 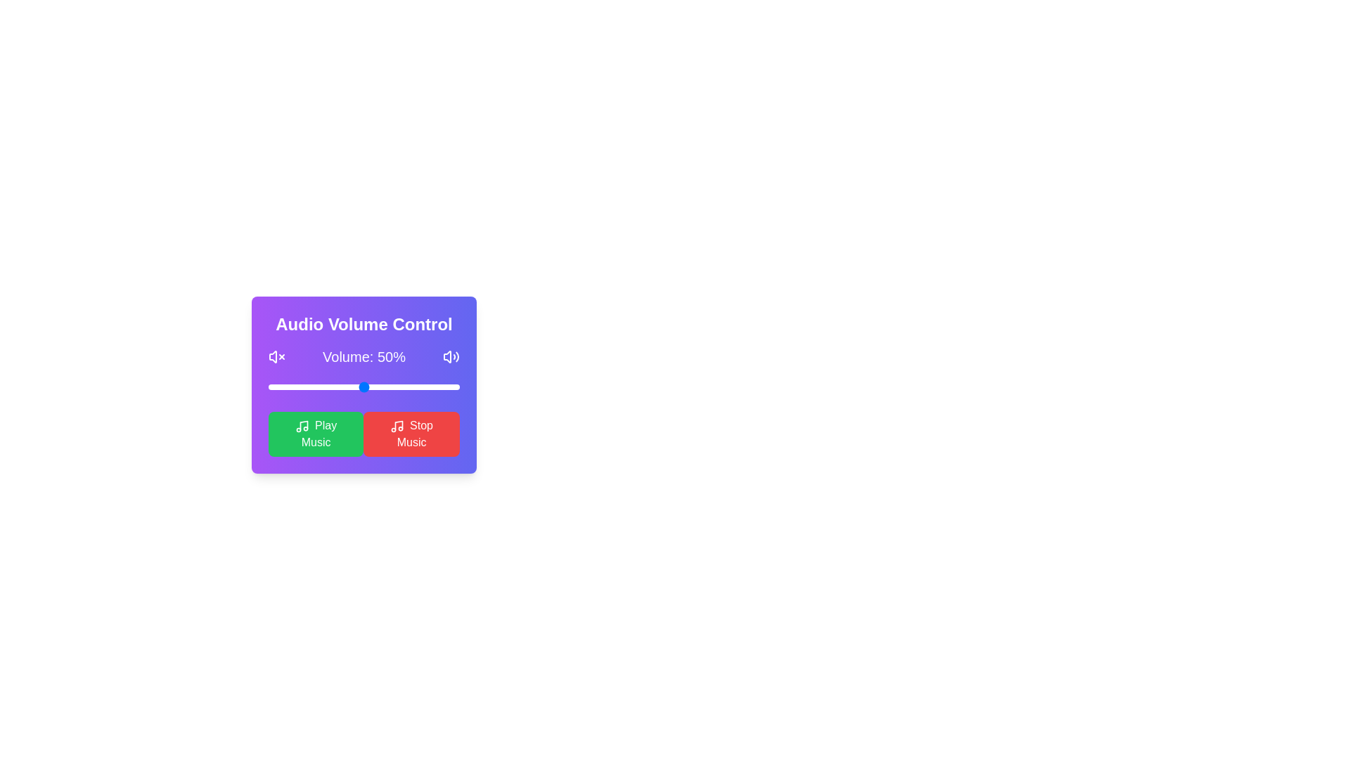 I want to click on the mute/unmute icon button, which is a speaker icon with a 'mute' cross mark over it, located to the left of the 'Volume: 50%' label, so click(x=276, y=356).